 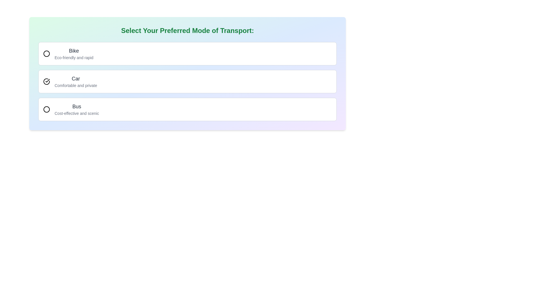 I want to click on the static text label displaying 'Eco-friendly and rapid' located underneath the 'Bike' heading in the transport modes list, so click(x=74, y=58).